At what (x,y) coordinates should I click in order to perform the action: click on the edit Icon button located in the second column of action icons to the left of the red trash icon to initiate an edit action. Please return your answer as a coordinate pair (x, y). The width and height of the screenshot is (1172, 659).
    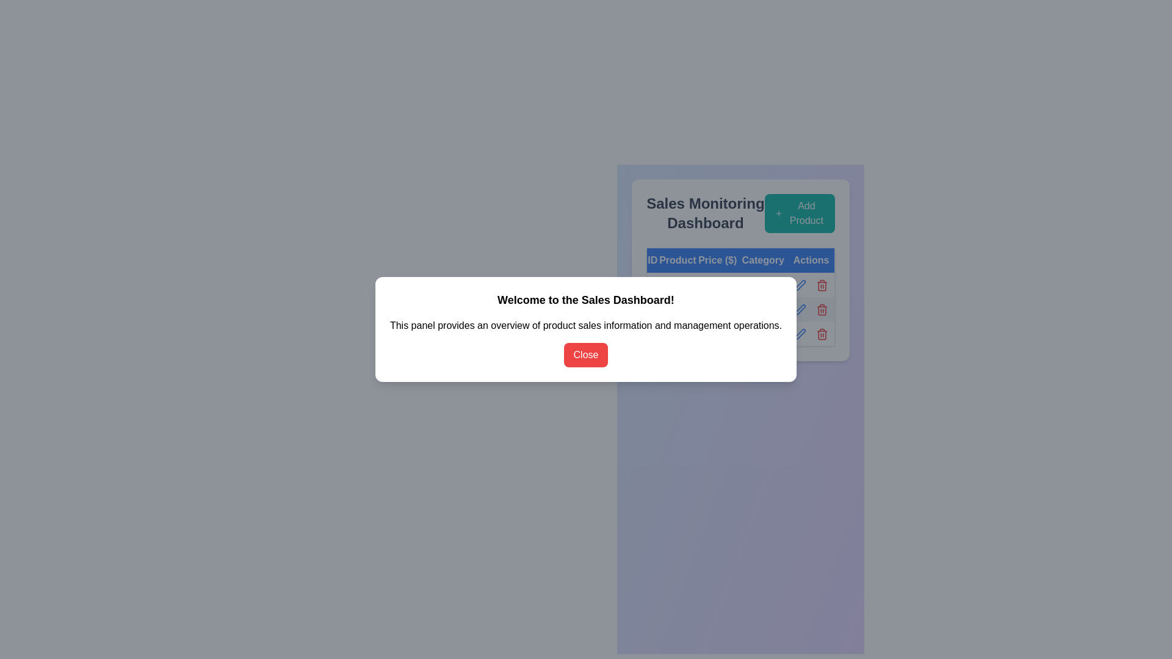
    Looking at the image, I should click on (800, 284).